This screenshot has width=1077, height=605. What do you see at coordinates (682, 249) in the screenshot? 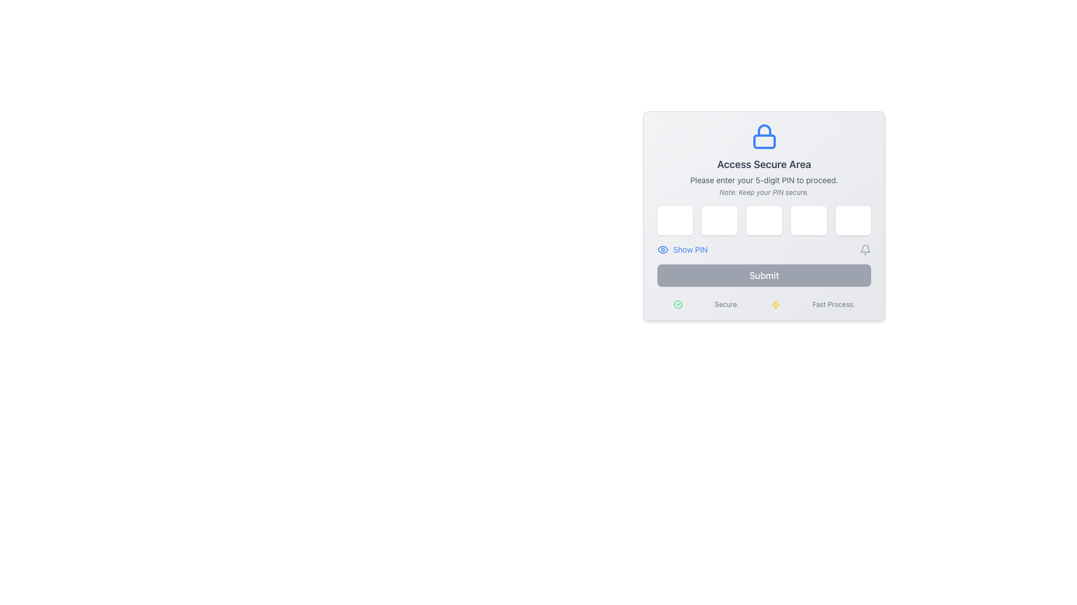
I see `the 'Show PIN' button which features a small blue font and an eye icon for visibility, located beneath the PIN code entry fields` at bounding box center [682, 249].